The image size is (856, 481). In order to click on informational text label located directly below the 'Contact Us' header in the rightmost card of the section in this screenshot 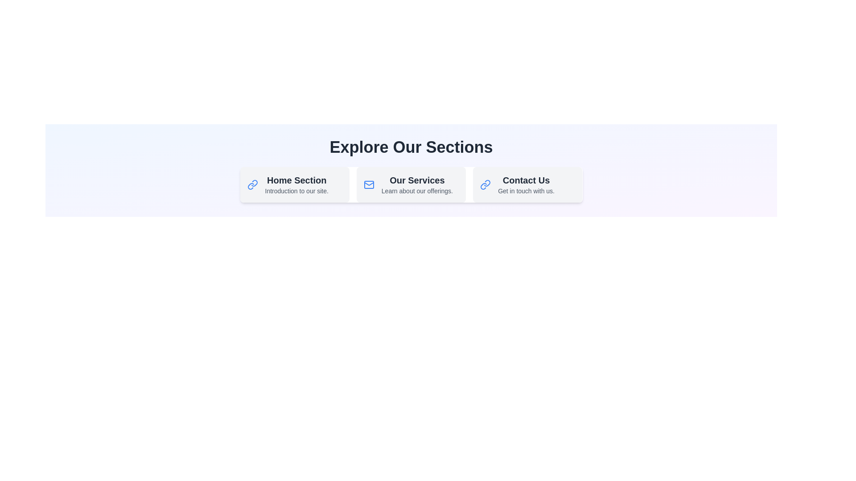, I will do `click(526, 190)`.